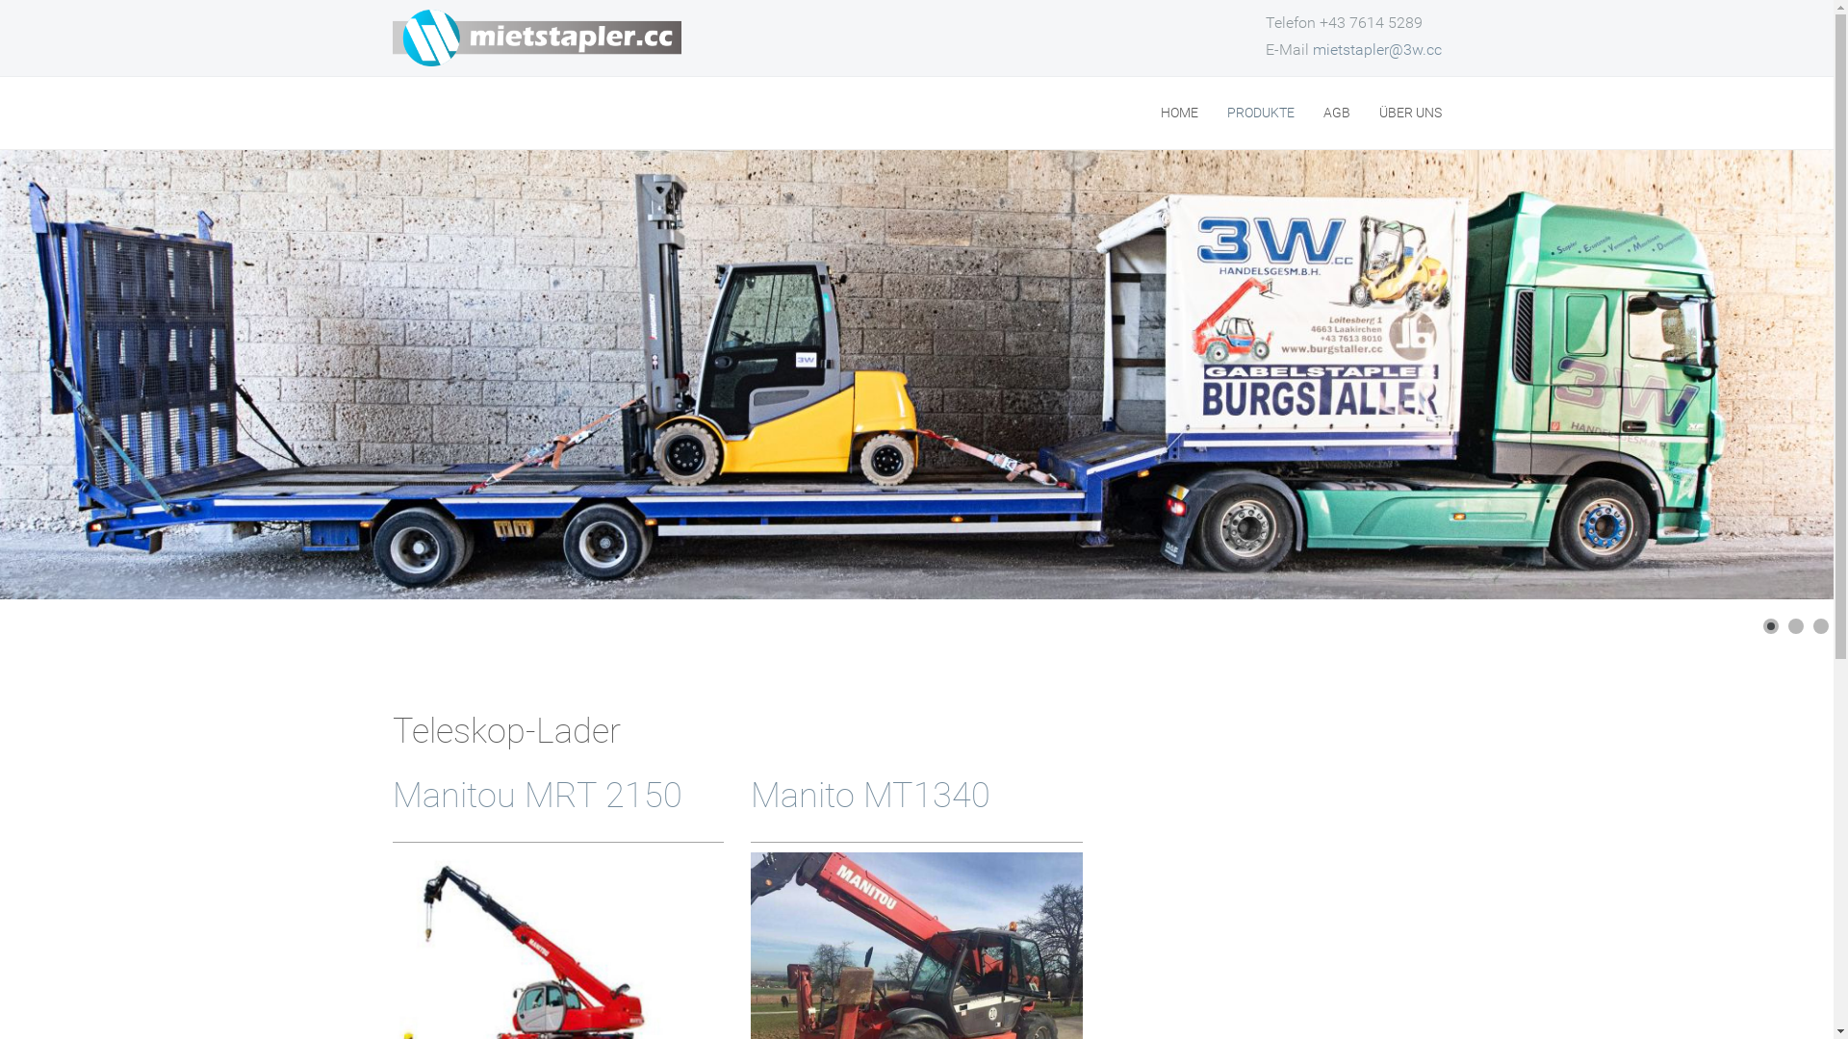  Describe the element at coordinates (869, 795) in the screenshot. I see `'Manito MT1340'` at that location.